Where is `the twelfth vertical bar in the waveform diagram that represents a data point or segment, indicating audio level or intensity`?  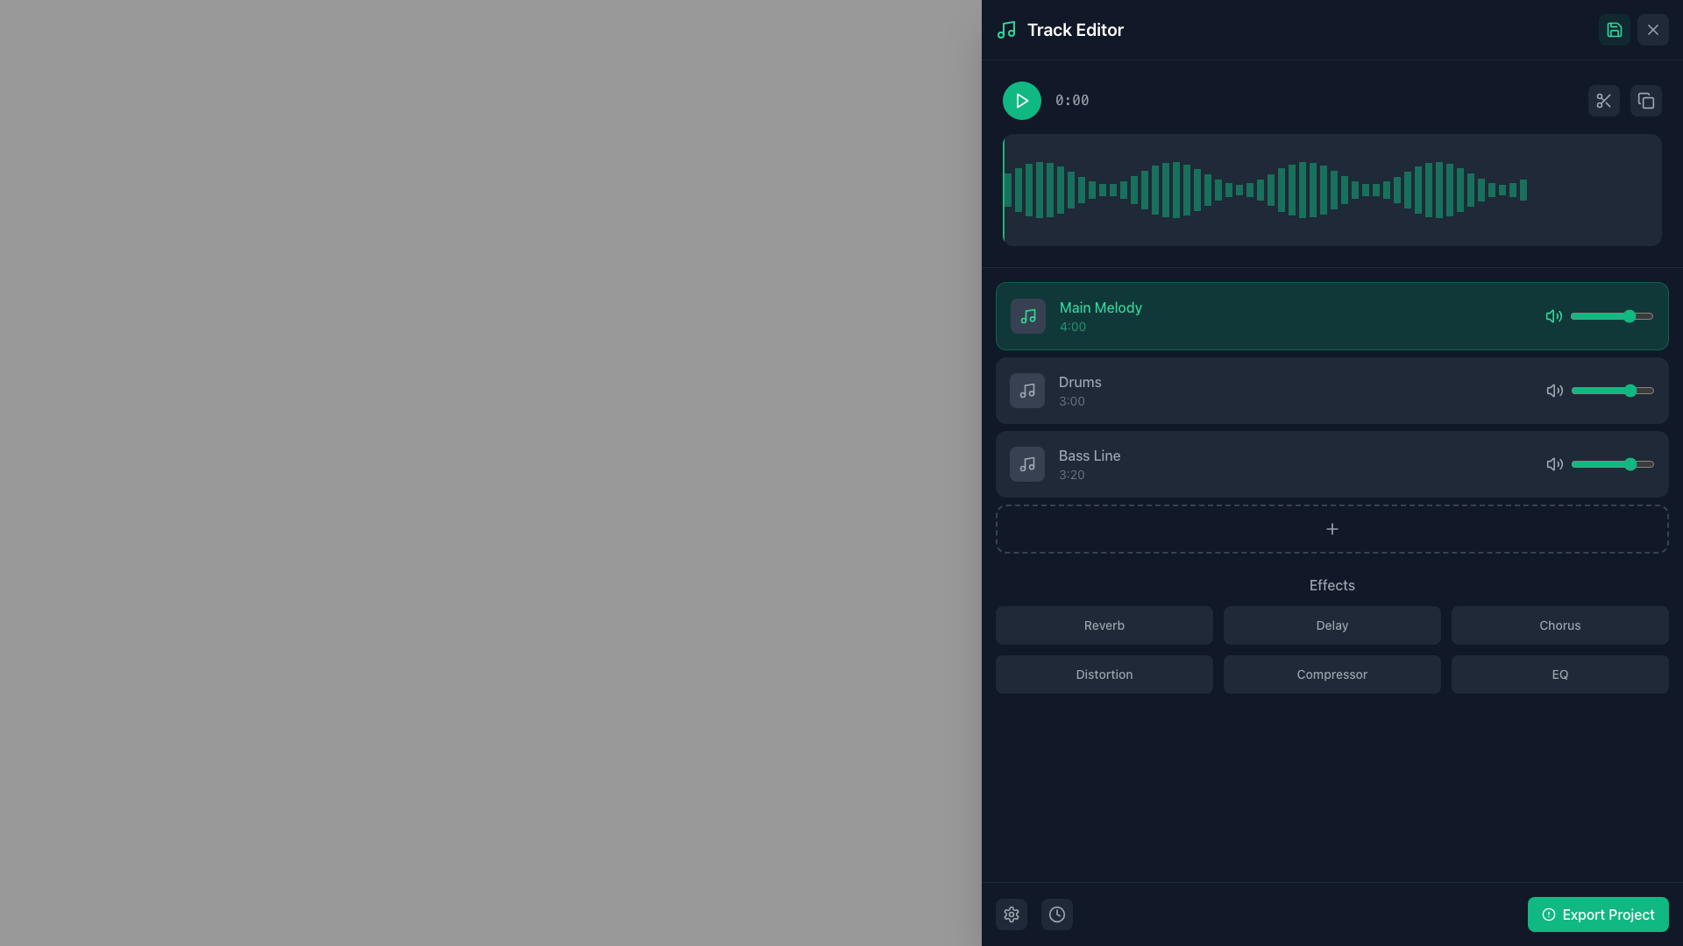 the twelfth vertical bar in the waveform diagram that represents a data point or segment, indicating audio level or intensity is located at coordinates (1123, 189).